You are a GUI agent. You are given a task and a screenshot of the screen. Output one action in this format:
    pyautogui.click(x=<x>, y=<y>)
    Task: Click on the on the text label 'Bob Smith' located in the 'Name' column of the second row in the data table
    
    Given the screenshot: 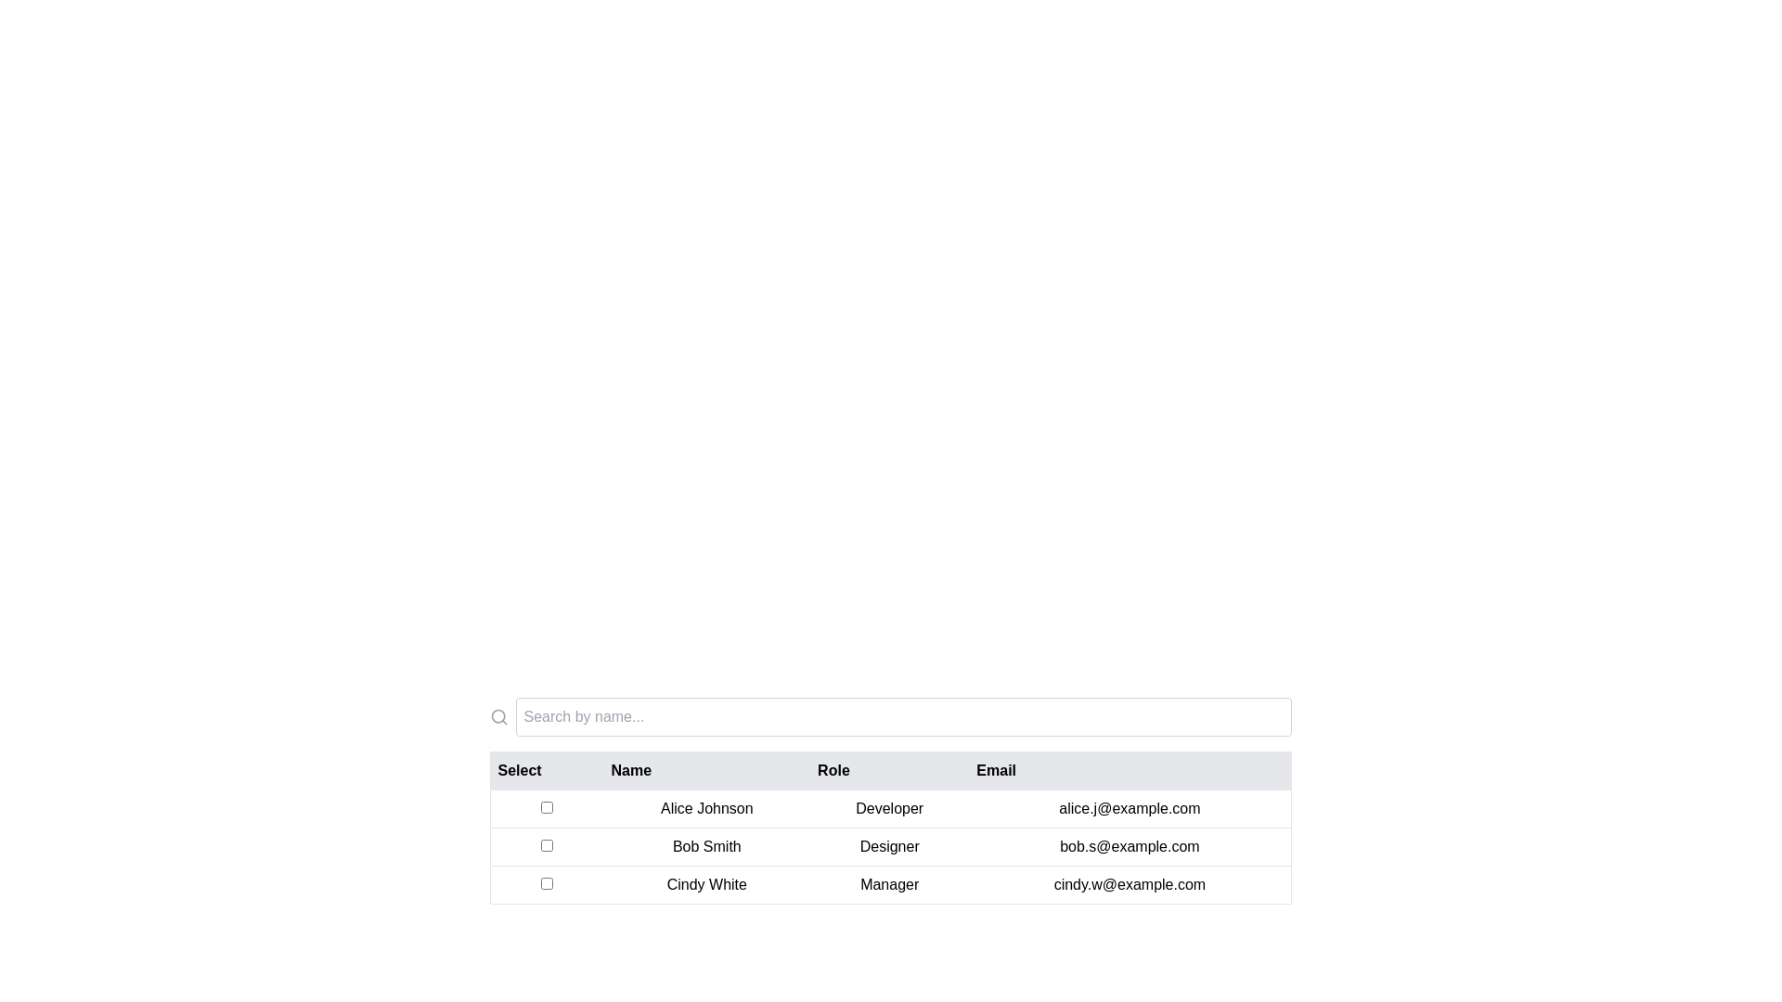 What is the action you would take?
    pyautogui.click(x=705, y=847)
    